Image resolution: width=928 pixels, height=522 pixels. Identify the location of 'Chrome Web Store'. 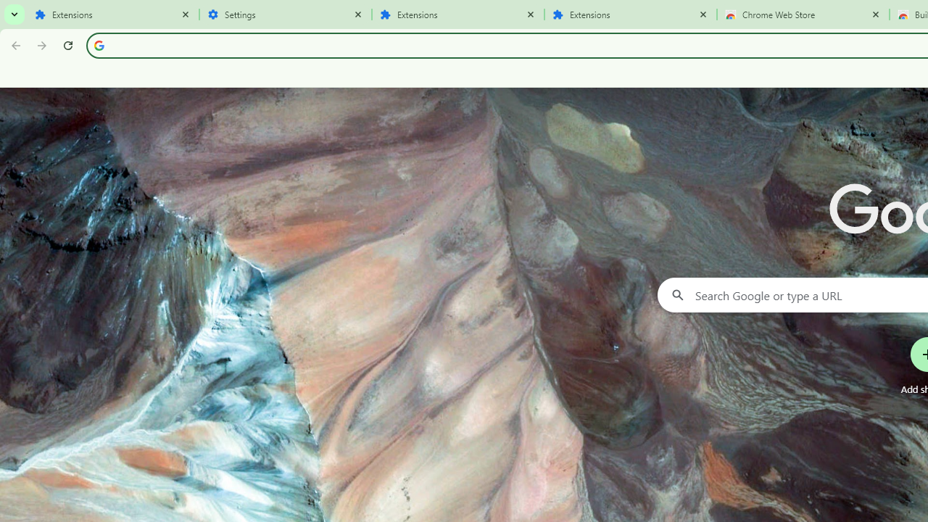
(803, 14).